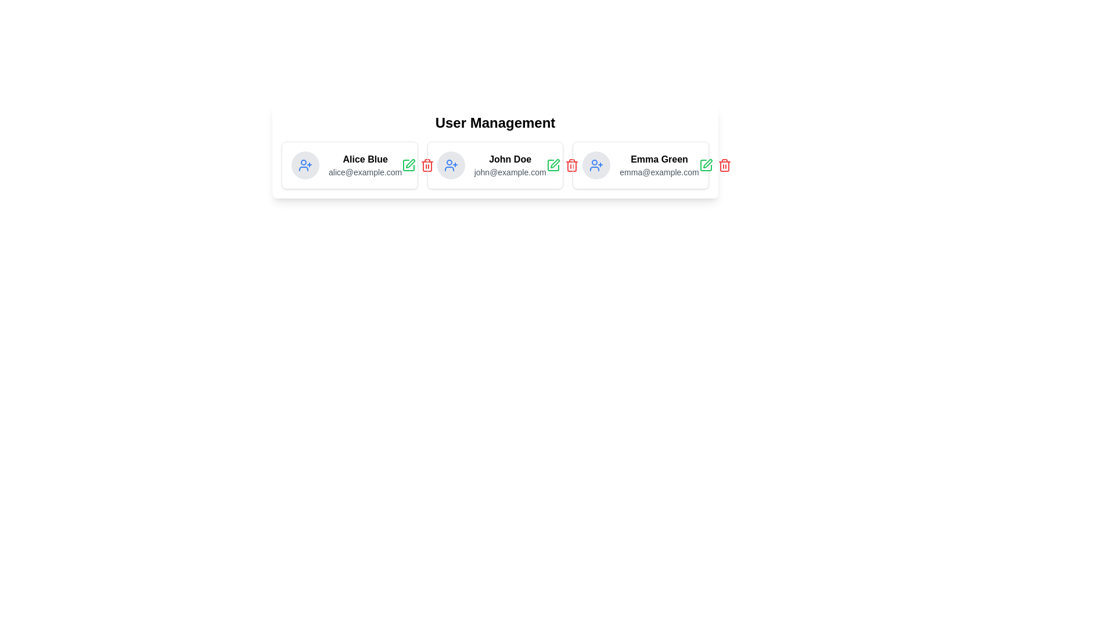 Image resolution: width=1115 pixels, height=627 pixels. I want to click on the delete icon button located in the User Management section, to the right of the entry for 'John Doe' (john@example.com). This button is the second in the action icons row, so click(562, 165).